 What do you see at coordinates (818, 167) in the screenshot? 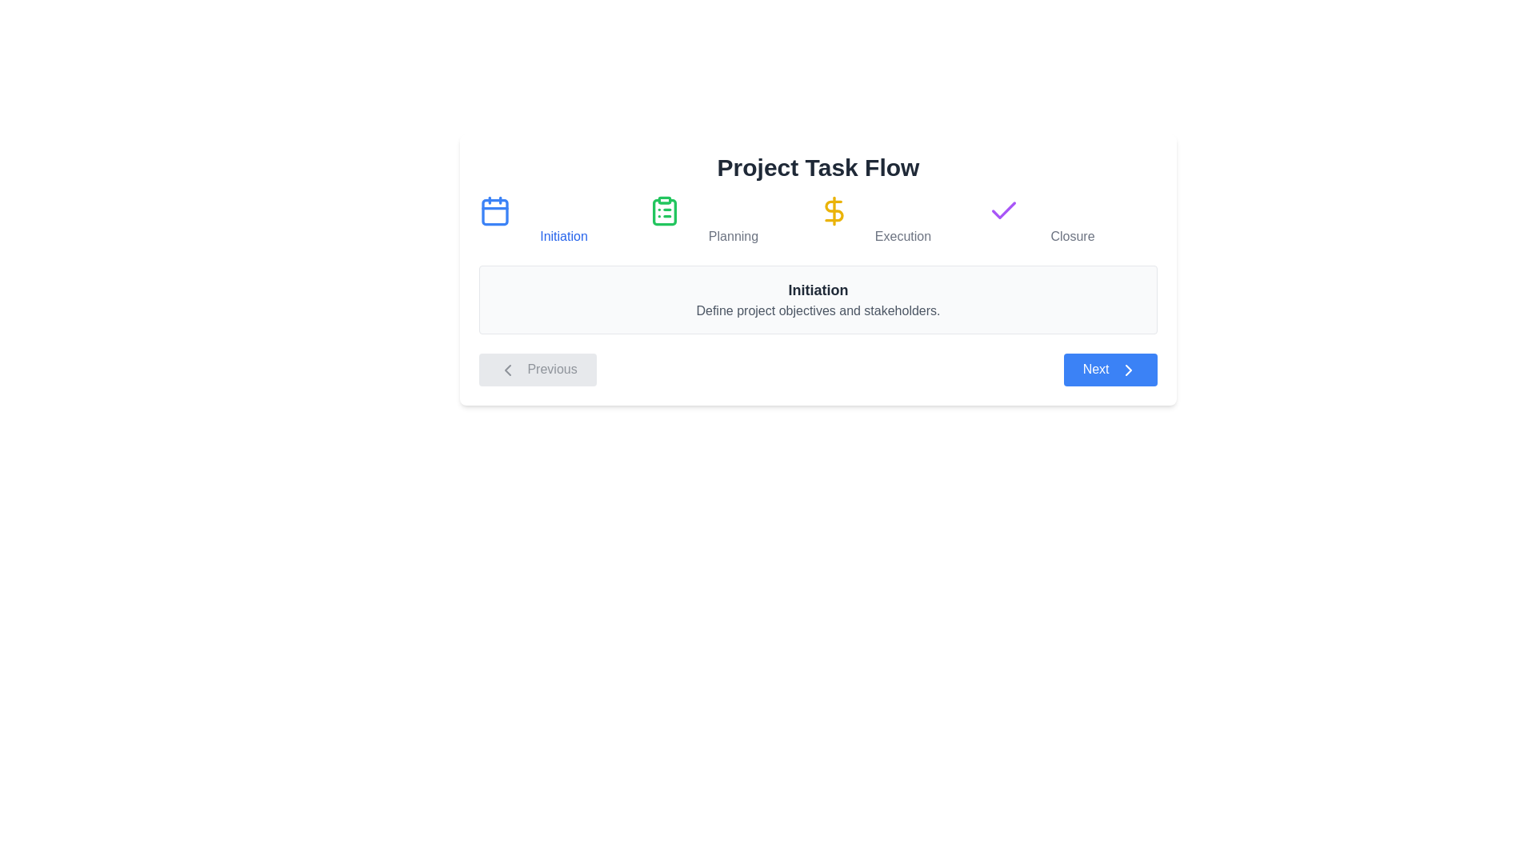
I see `the main title text located at the top of the card interface, which provides contextual information about the current section of the application` at bounding box center [818, 167].